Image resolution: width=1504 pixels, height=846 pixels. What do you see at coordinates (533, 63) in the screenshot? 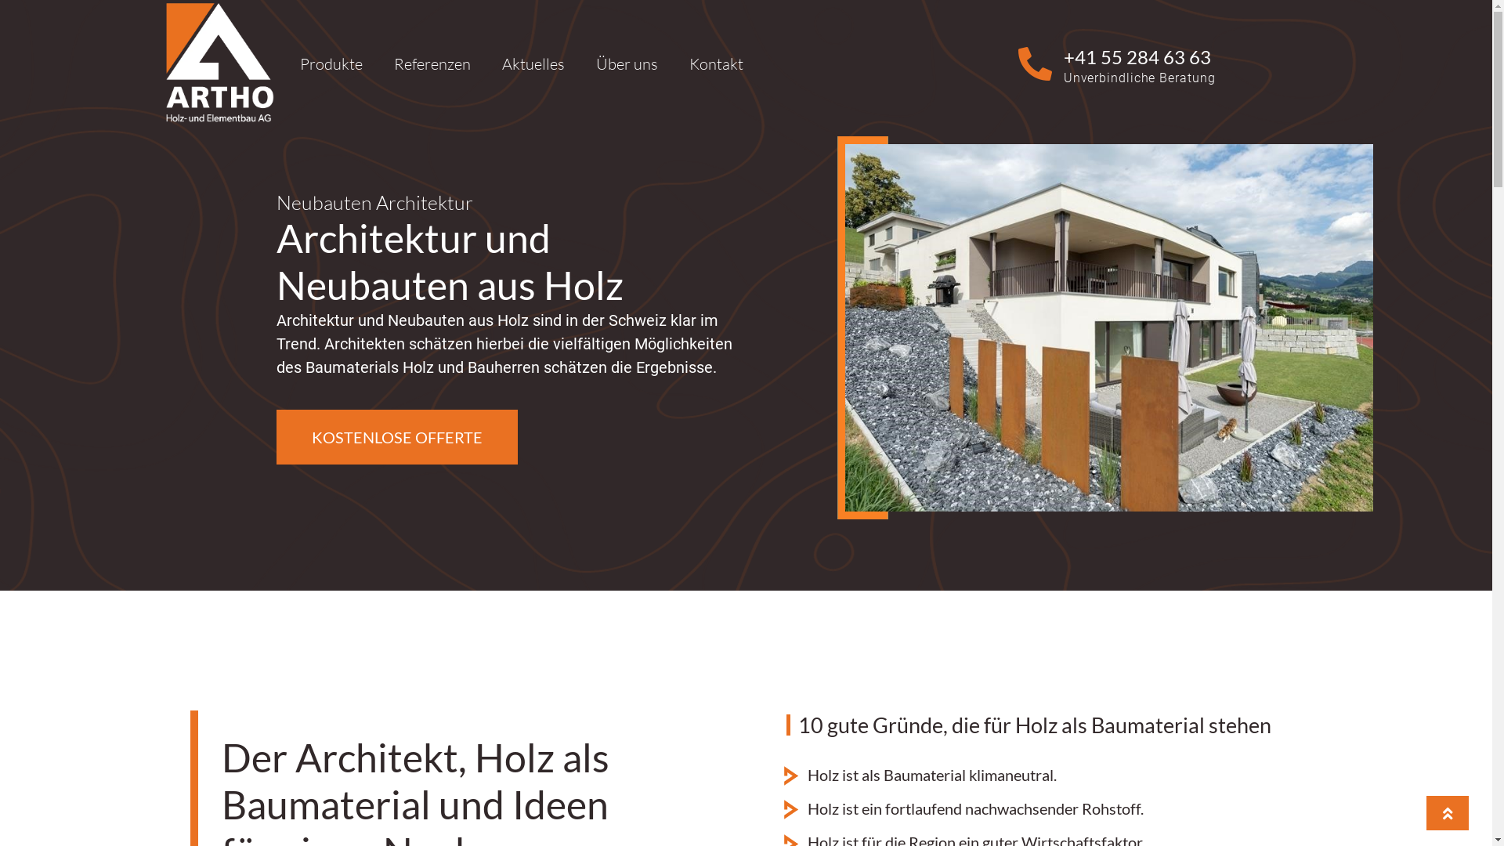
I see `'Aktuelles'` at bounding box center [533, 63].